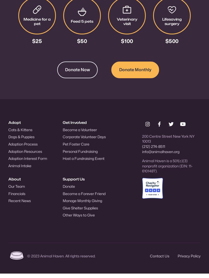 The width and height of the screenshot is (209, 278). What do you see at coordinates (32, 41) in the screenshot?
I see `'$25'` at bounding box center [32, 41].